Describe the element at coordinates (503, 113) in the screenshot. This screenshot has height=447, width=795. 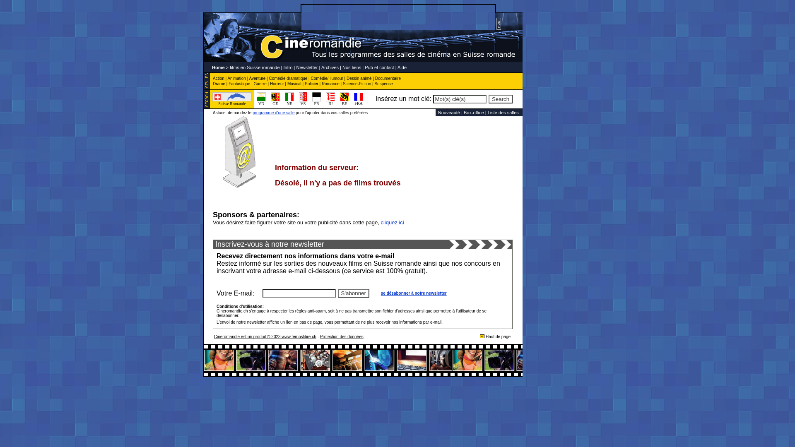
I see `'Liste des salles'` at that location.